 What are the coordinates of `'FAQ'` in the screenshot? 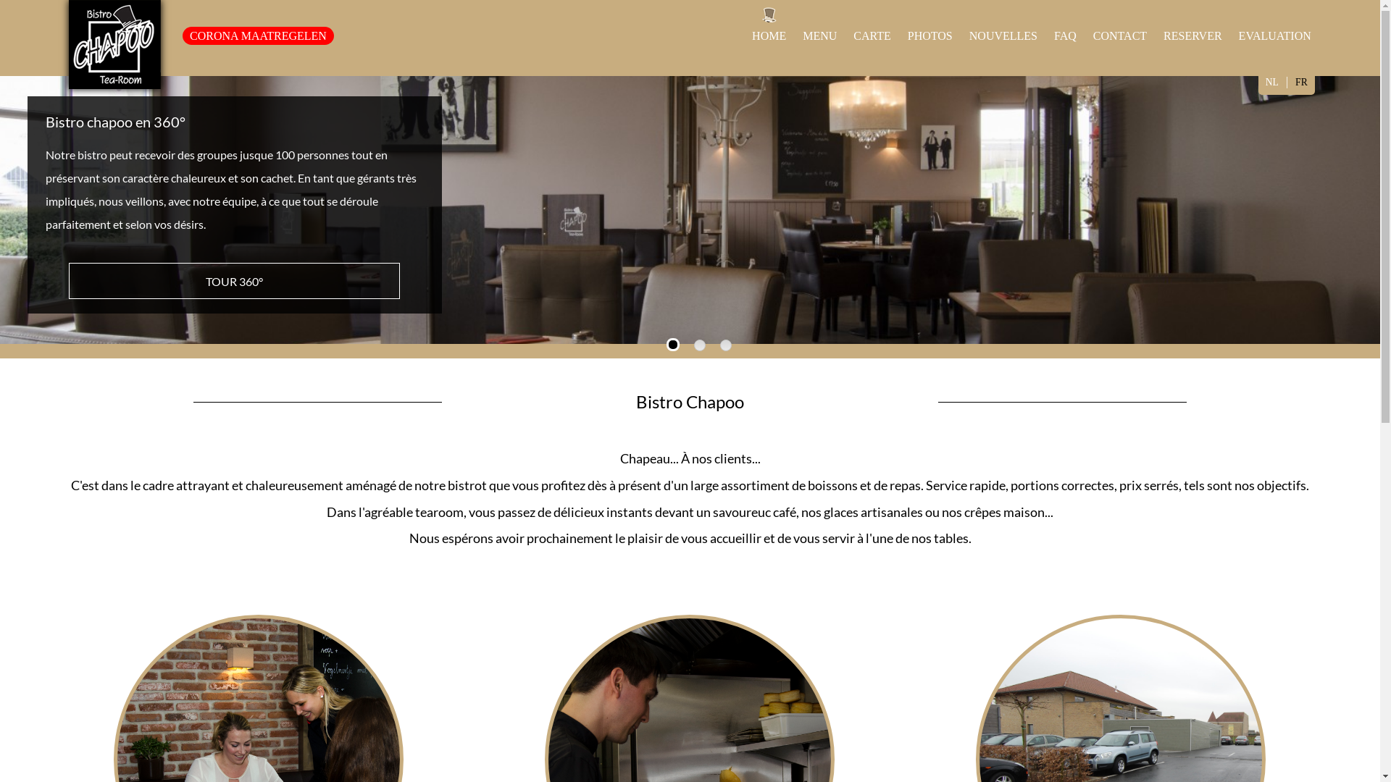 It's located at (1065, 35).